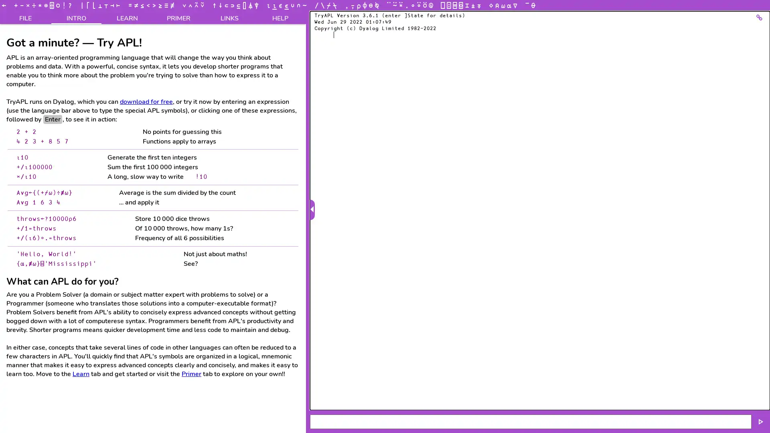 The height and width of the screenshot is (433, 770). What do you see at coordinates (25, 18) in the screenshot?
I see `FILE` at bounding box center [25, 18].